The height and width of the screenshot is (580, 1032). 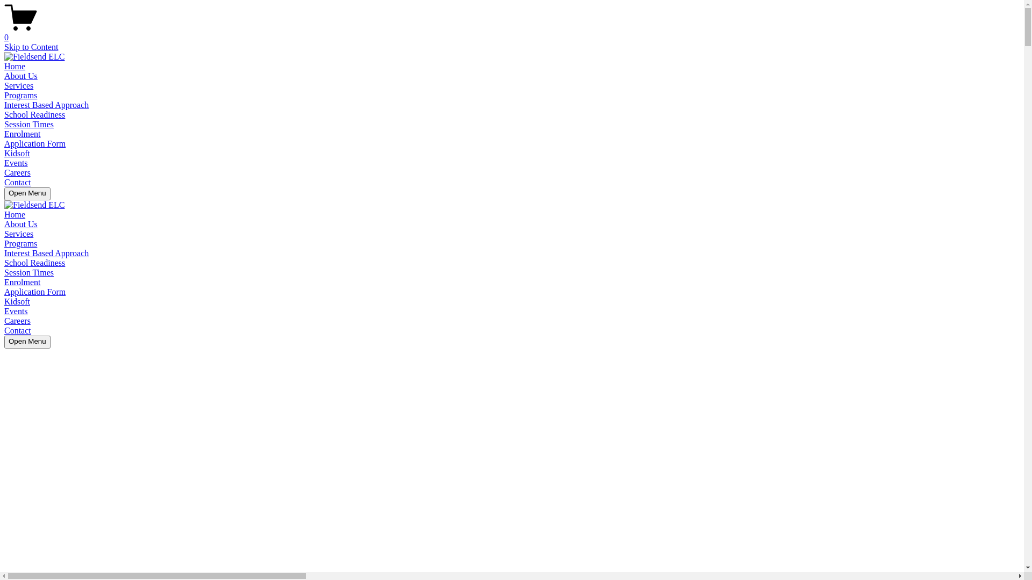 I want to click on 'Interest Based Approach', so click(x=46, y=253).